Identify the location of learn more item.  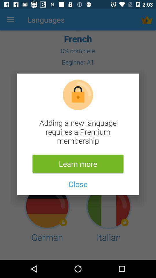
(78, 164).